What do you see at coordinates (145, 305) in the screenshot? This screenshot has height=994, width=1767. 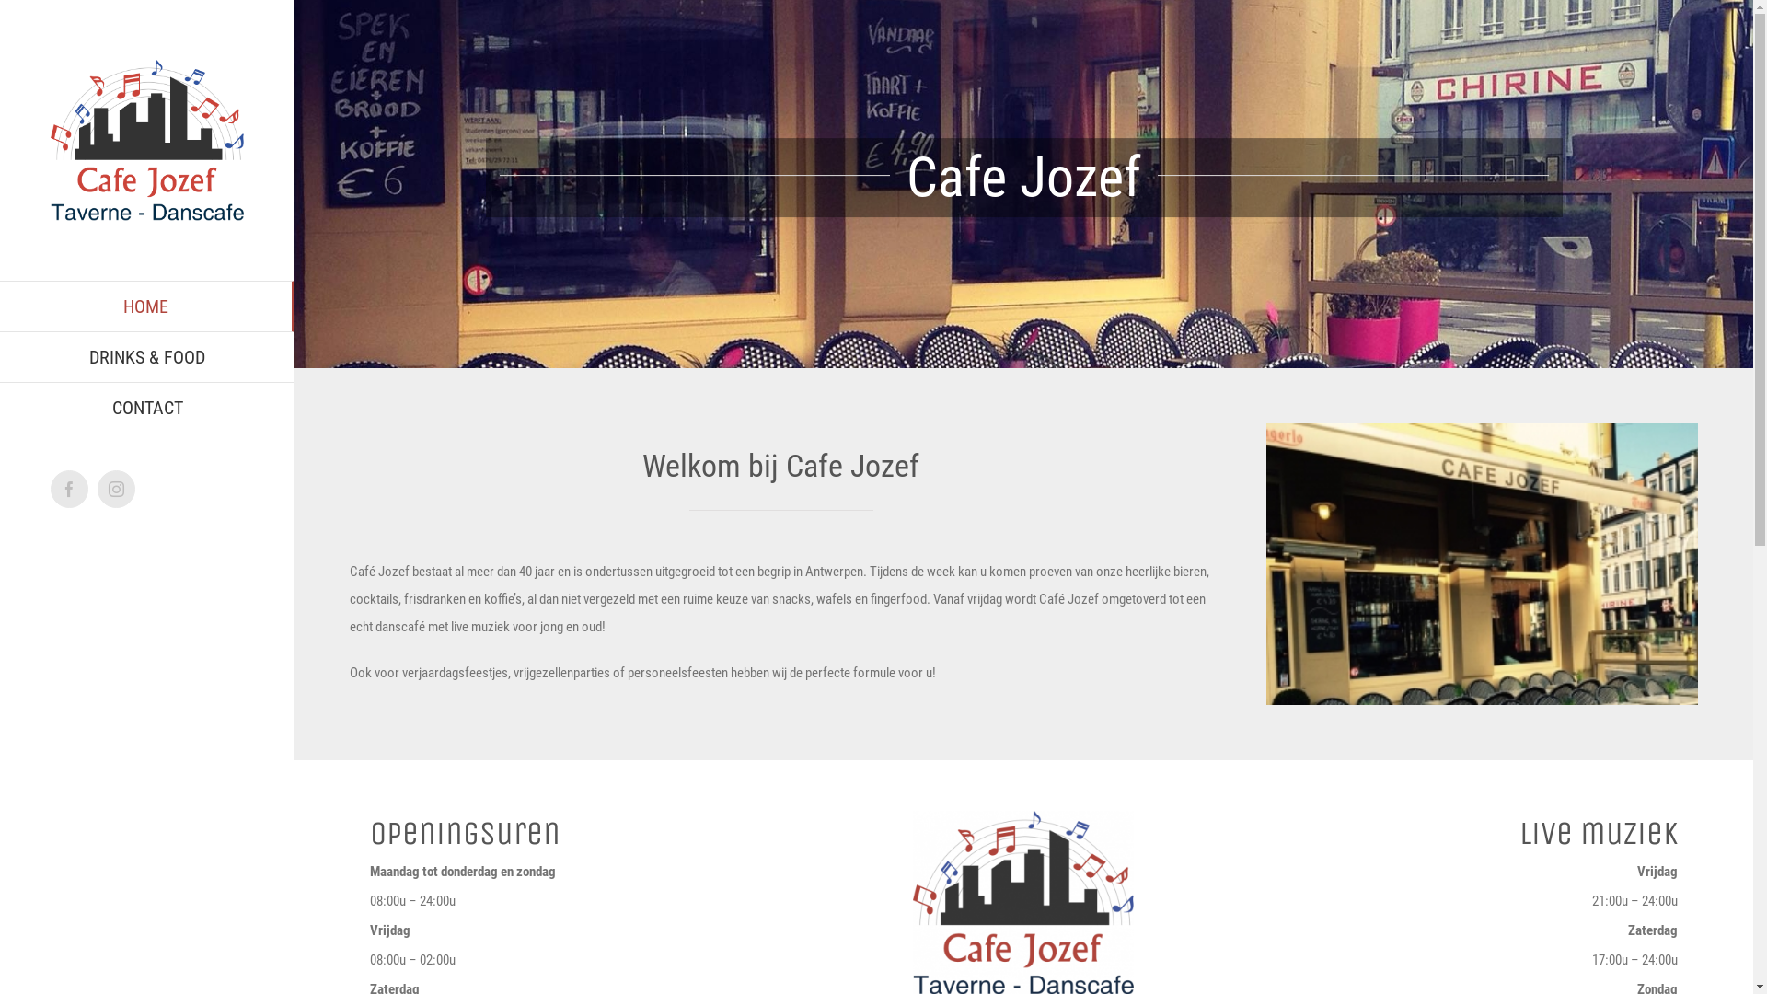 I see `'HOME'` at bounding box center [145, 305].